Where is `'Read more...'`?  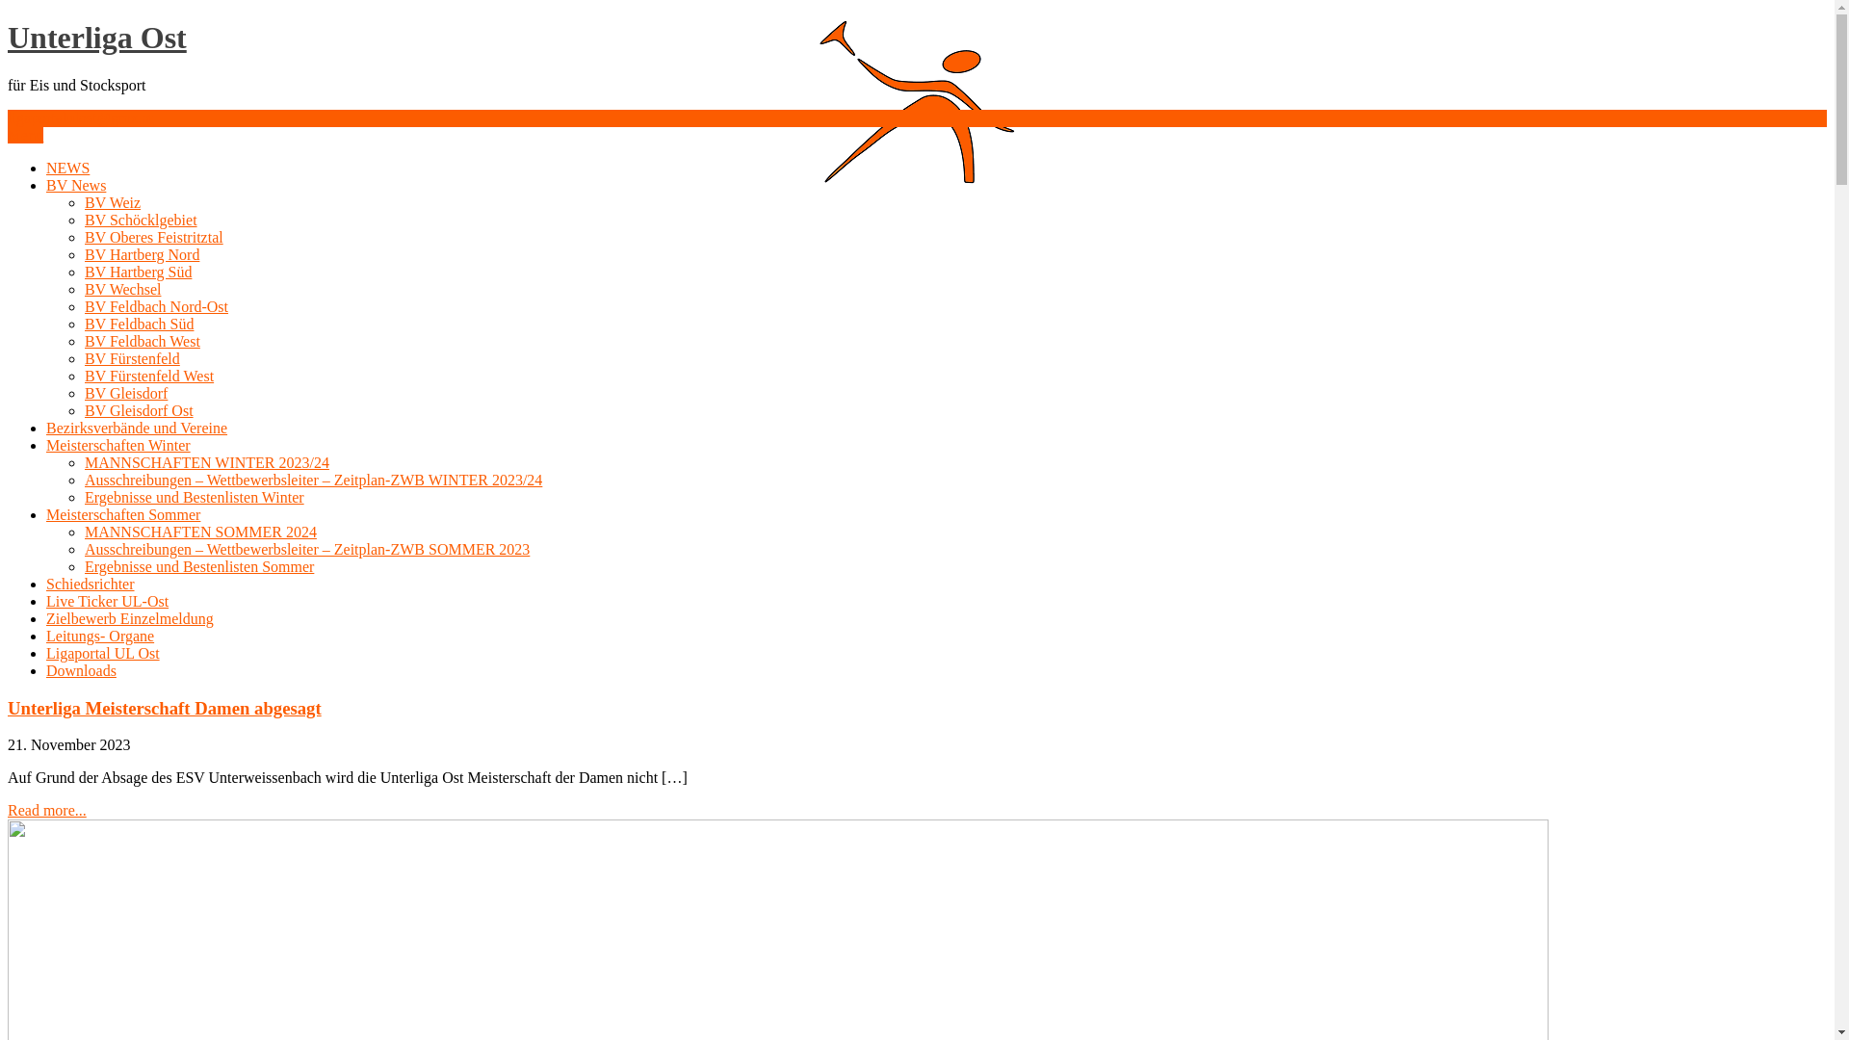
'Read more...' is located at coordinates (46, 810).